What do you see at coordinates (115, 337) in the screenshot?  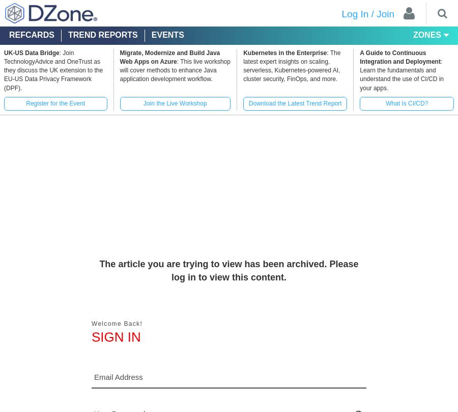 I see `'Sign In'` at bounding box center [115, 337].